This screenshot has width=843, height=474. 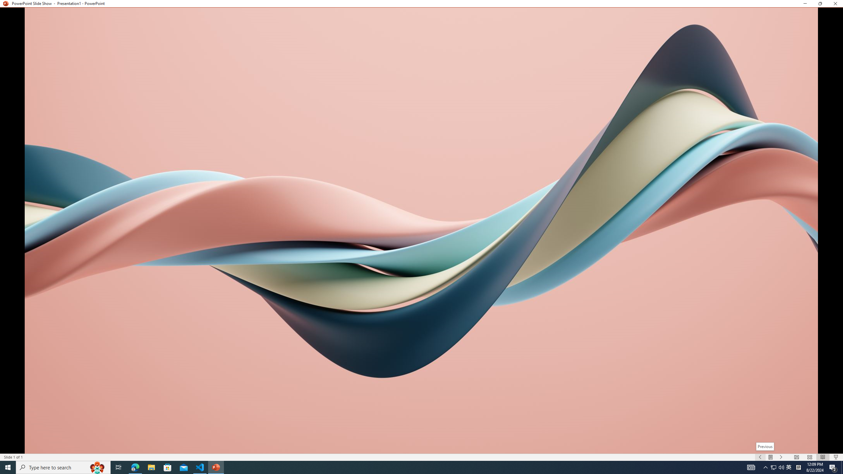 What do you see at coordinates (760, 457) in the screenshot?
I see `'Slide Show Previous On'` at bounding box center [760, 457].